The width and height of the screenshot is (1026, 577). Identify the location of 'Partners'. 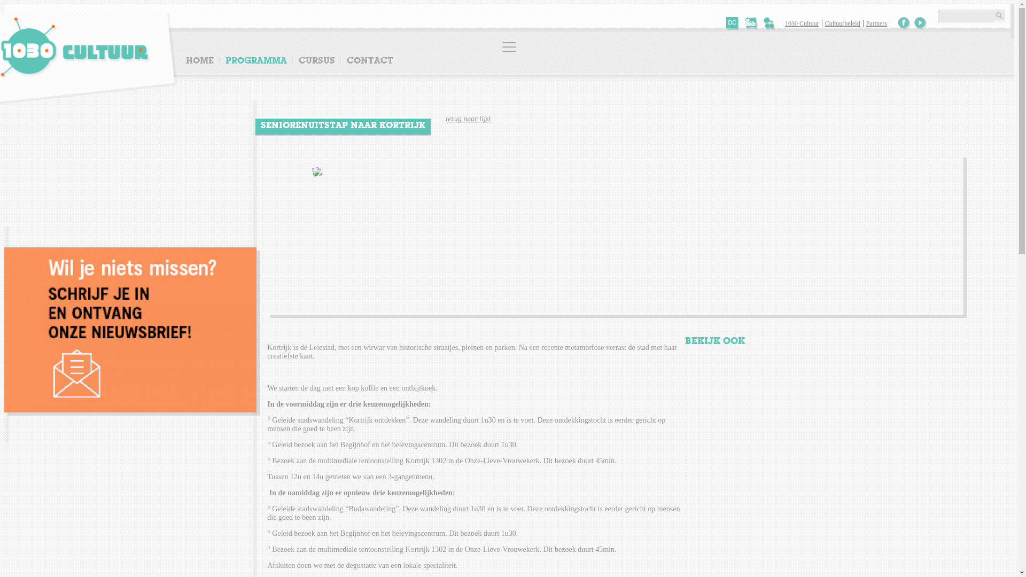
(876, 23).